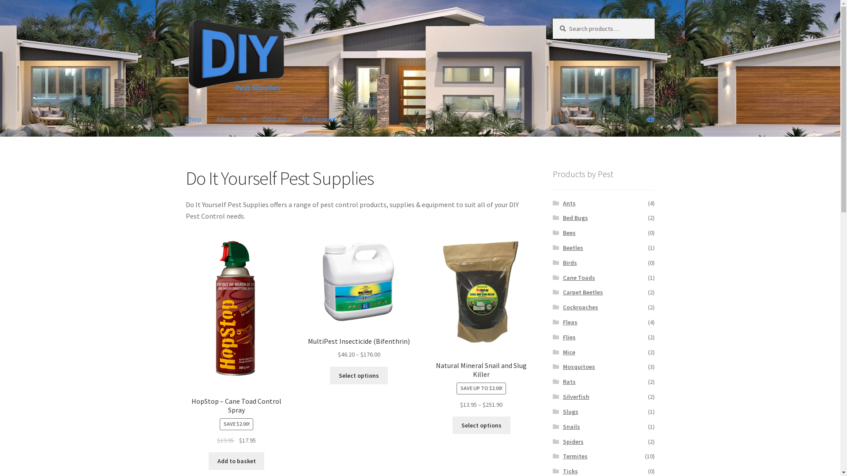 This screenshot has height=476, width=847. Describe the element at coordinates (562, 411) in the screenshot. I see `'Slugs'` at that location.